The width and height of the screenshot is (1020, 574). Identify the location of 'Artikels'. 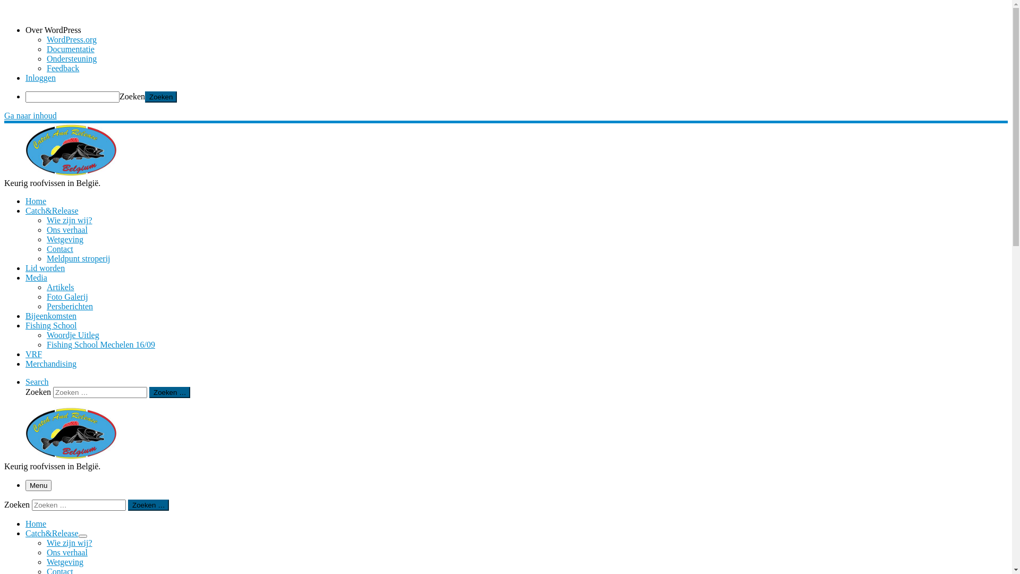
(60, 287).